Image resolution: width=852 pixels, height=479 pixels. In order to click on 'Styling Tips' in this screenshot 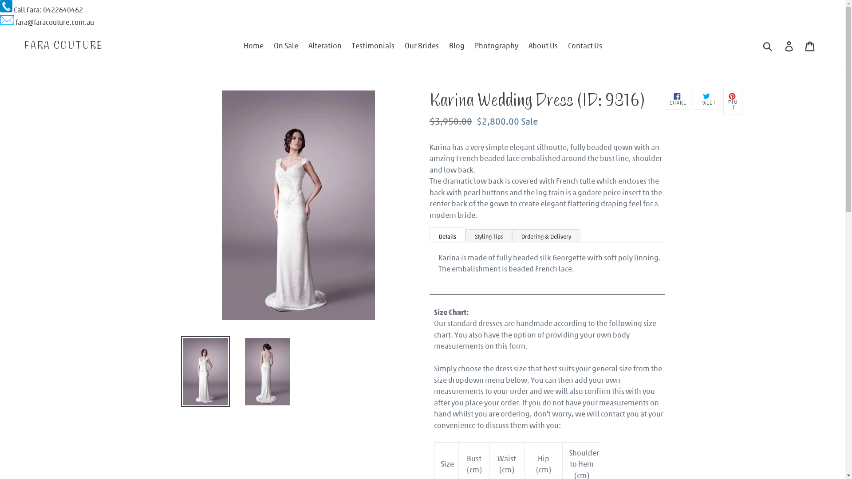, I will do `click(464, 235)`.